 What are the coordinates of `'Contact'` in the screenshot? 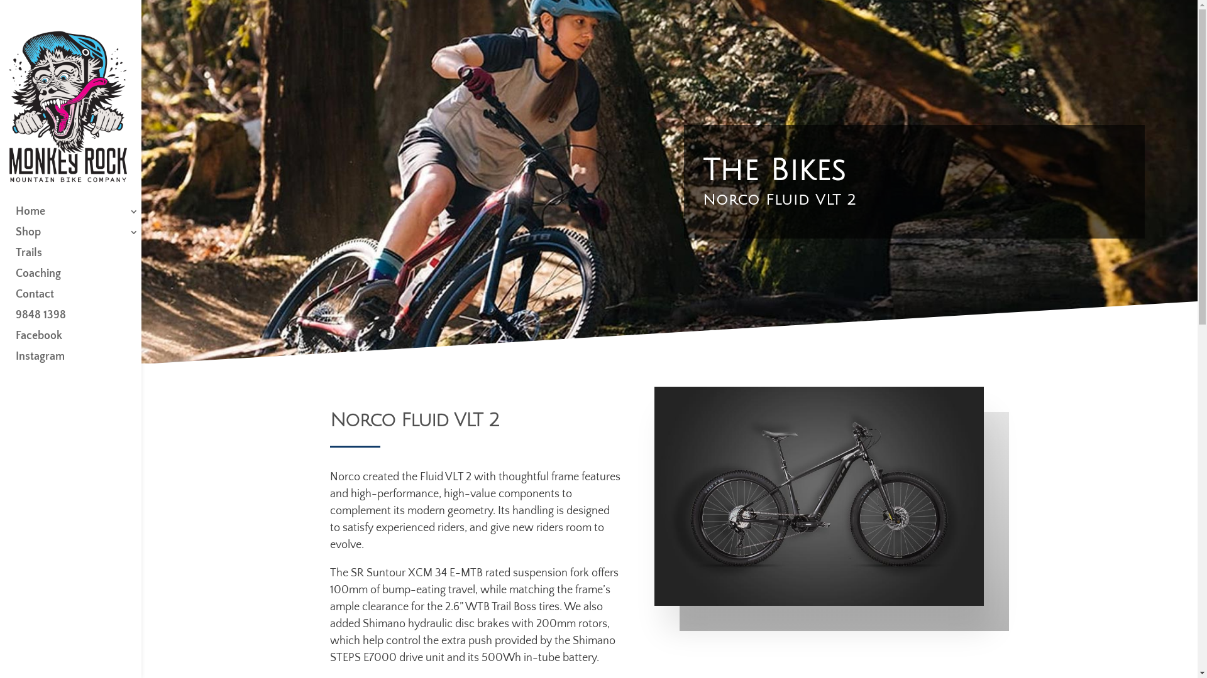 It's located at (82, 300).